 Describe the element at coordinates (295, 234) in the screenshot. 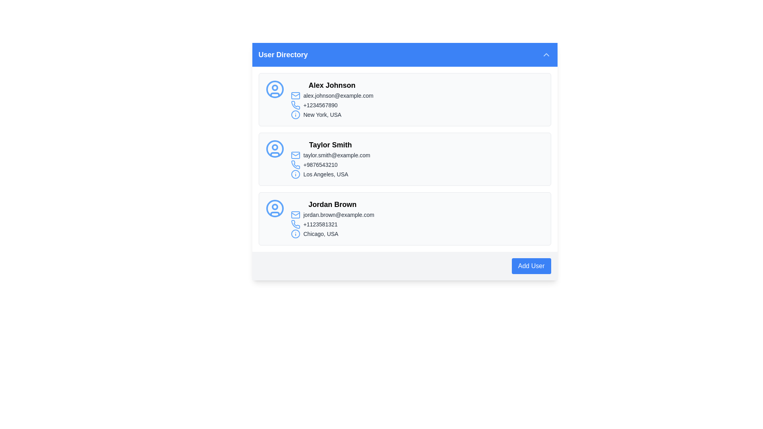

I see `the blue circular informational icon with an 'i' in the center, which is part of the user entry labeled 'Jordan Brown' located at the bottom of the user list` at that location.